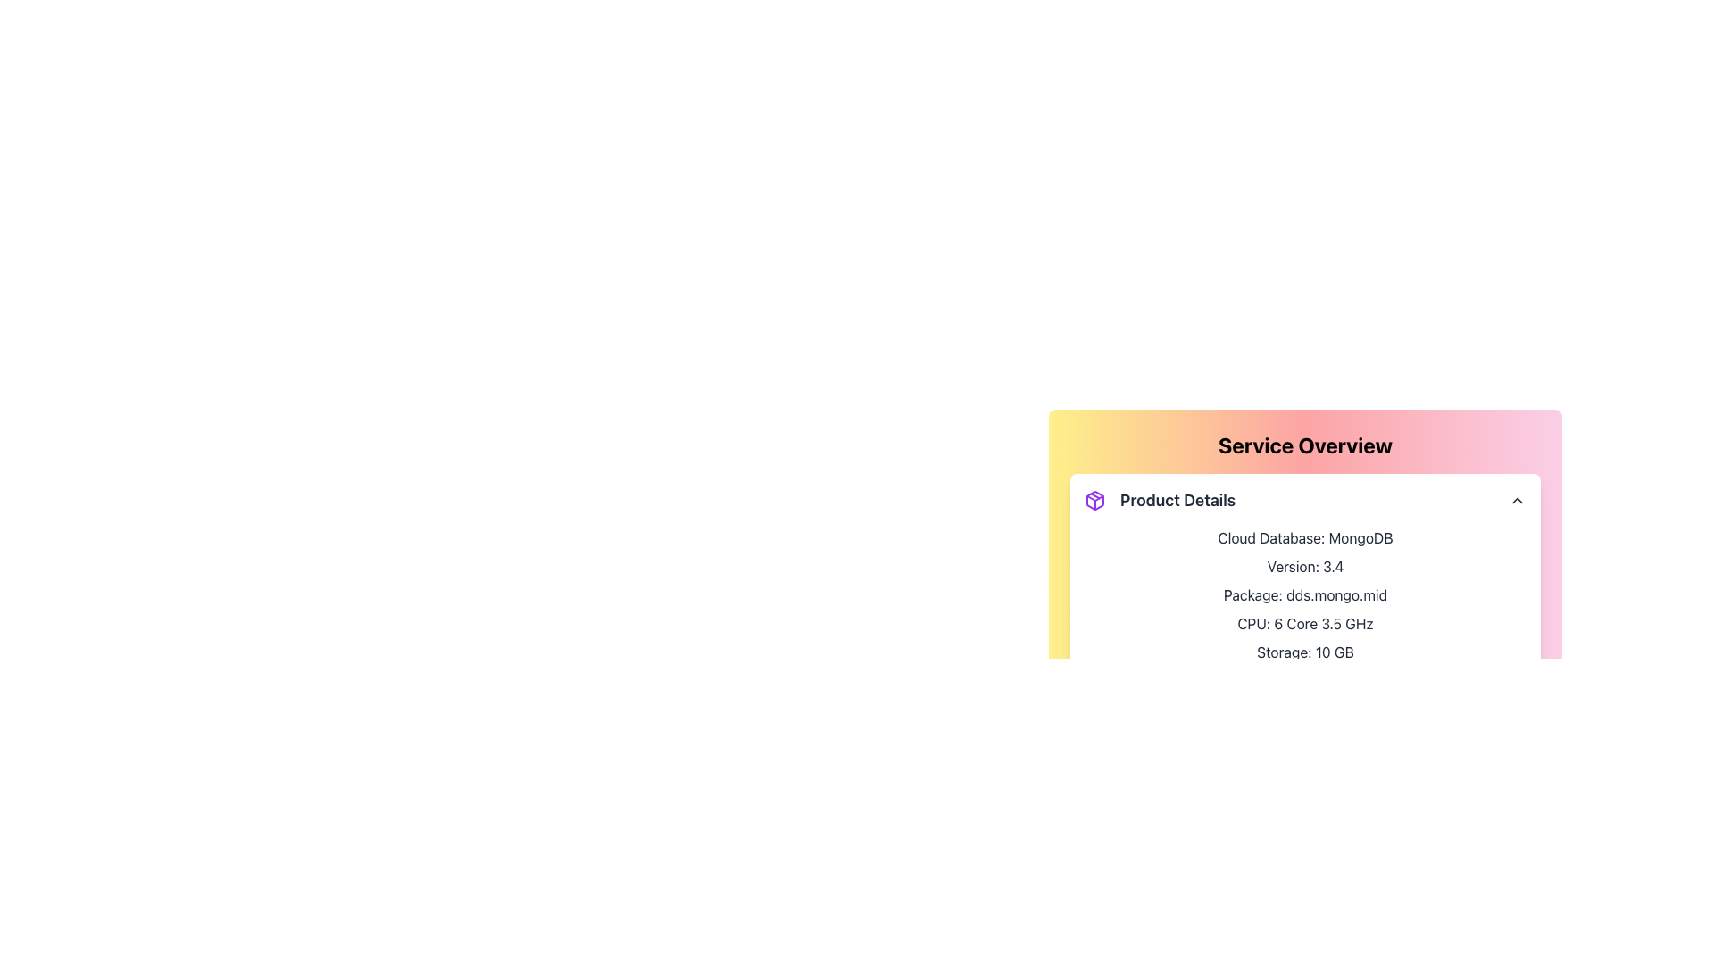 Image resolution: width=1714 pixels, height=964 pixels. What do you see at coordinates (1305, 595) in the screenshot?
I see `text content of the Text Label displaying 'Package: dds.mongo.mid', which is the third entry under 'Product Details'` at bounding box center [1305, 595].